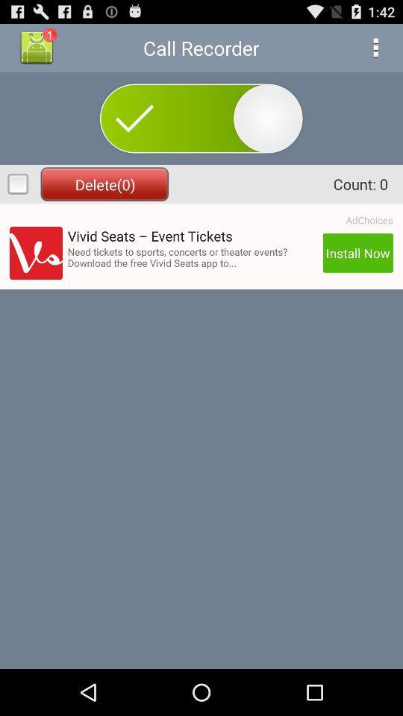 This screenshot has height=716, width=403. Describe the element at coordinates (37, 48) in the screenshot. I see `the button above delete(0)` at that location.